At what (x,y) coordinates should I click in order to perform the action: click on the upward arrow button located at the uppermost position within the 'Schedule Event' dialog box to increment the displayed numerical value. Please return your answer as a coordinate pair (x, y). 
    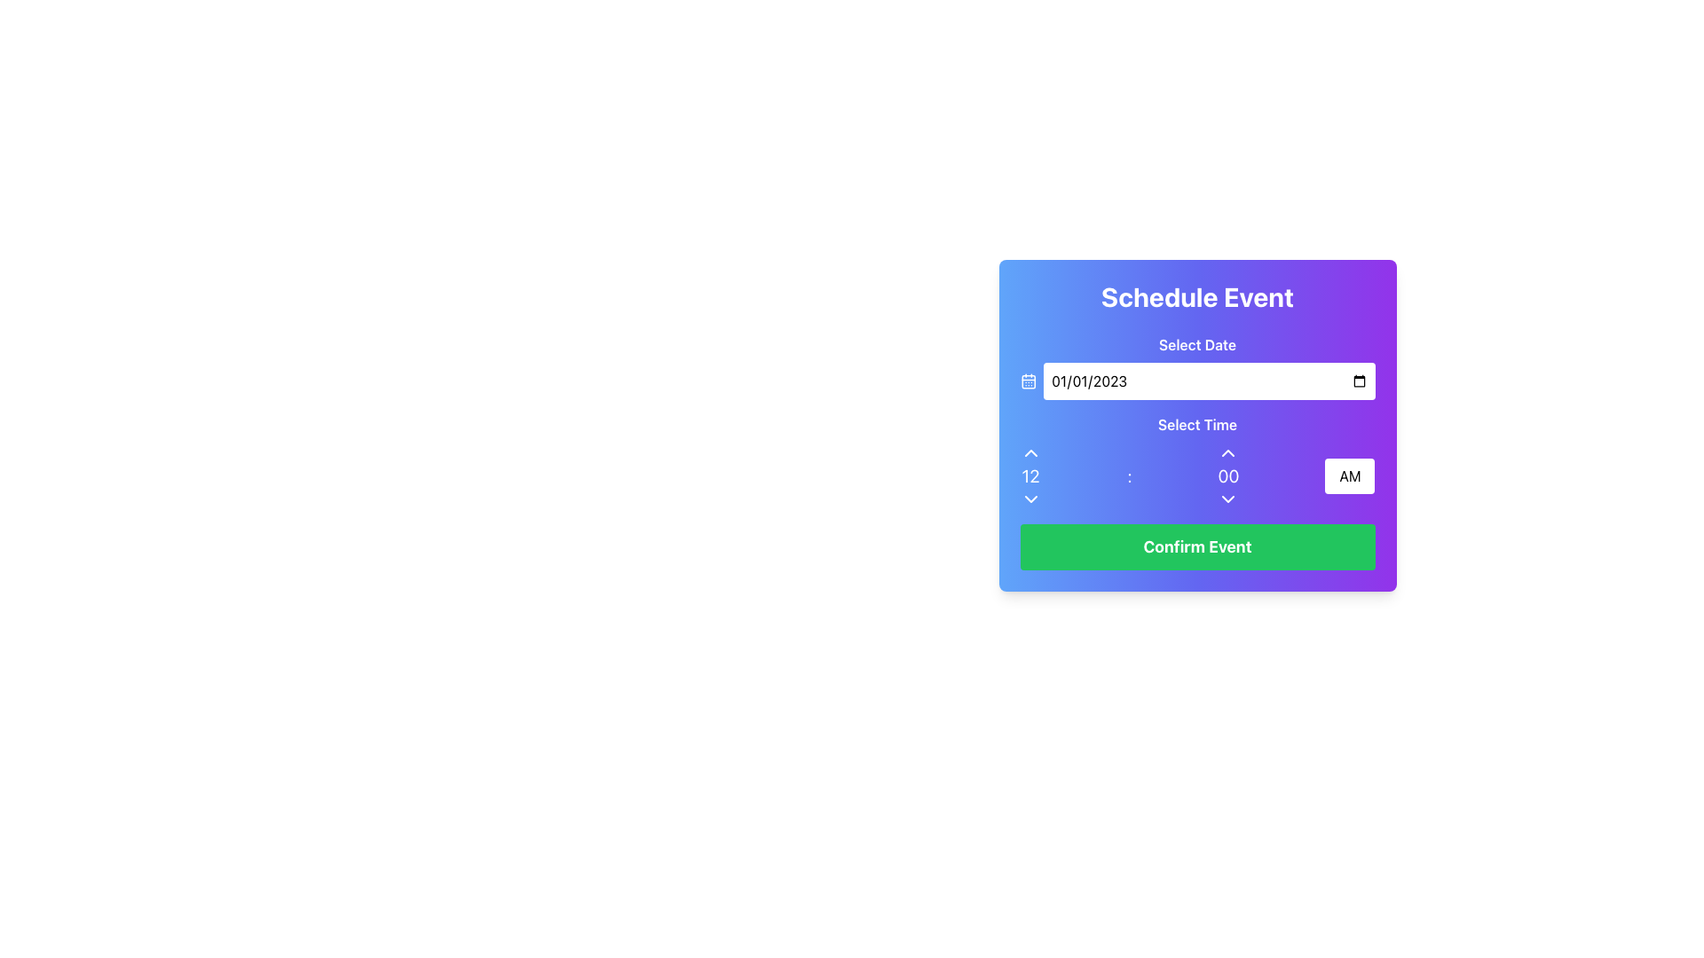
    Looking at the image, I should click on (1030, 452).